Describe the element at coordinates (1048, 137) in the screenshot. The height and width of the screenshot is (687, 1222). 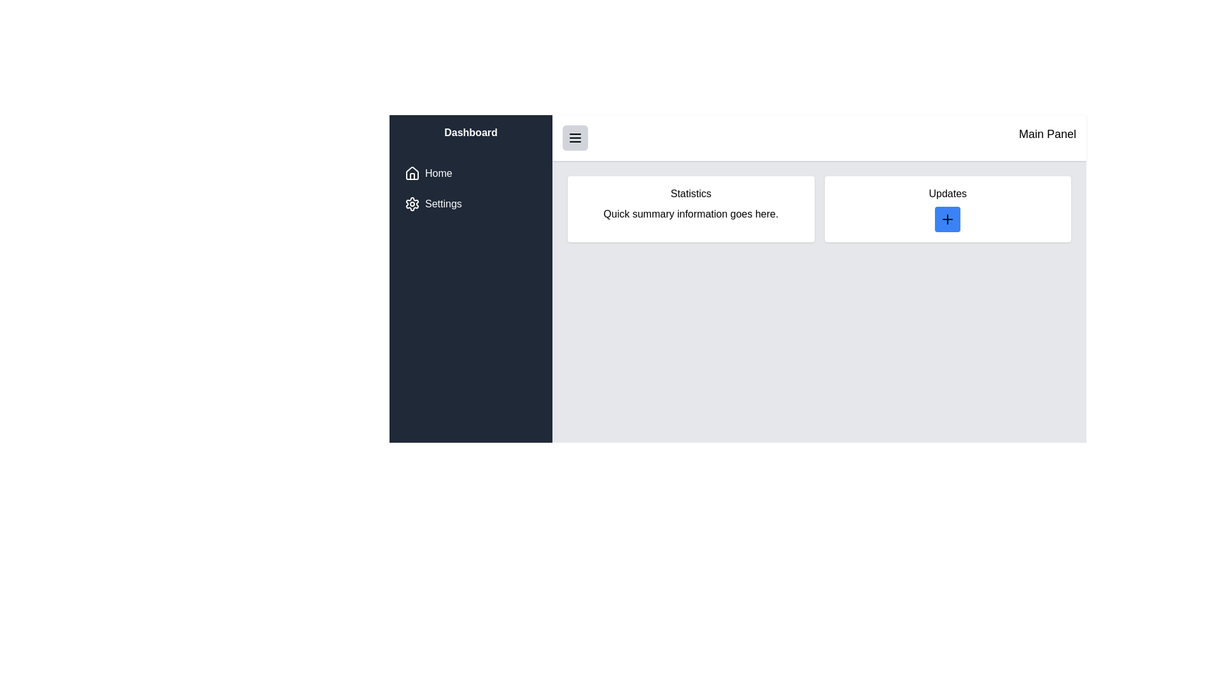
I see `descriptive label located at the upper right corner of the interface, within the white horizontal bar, which serves as a heading for the displayed section` at that location.